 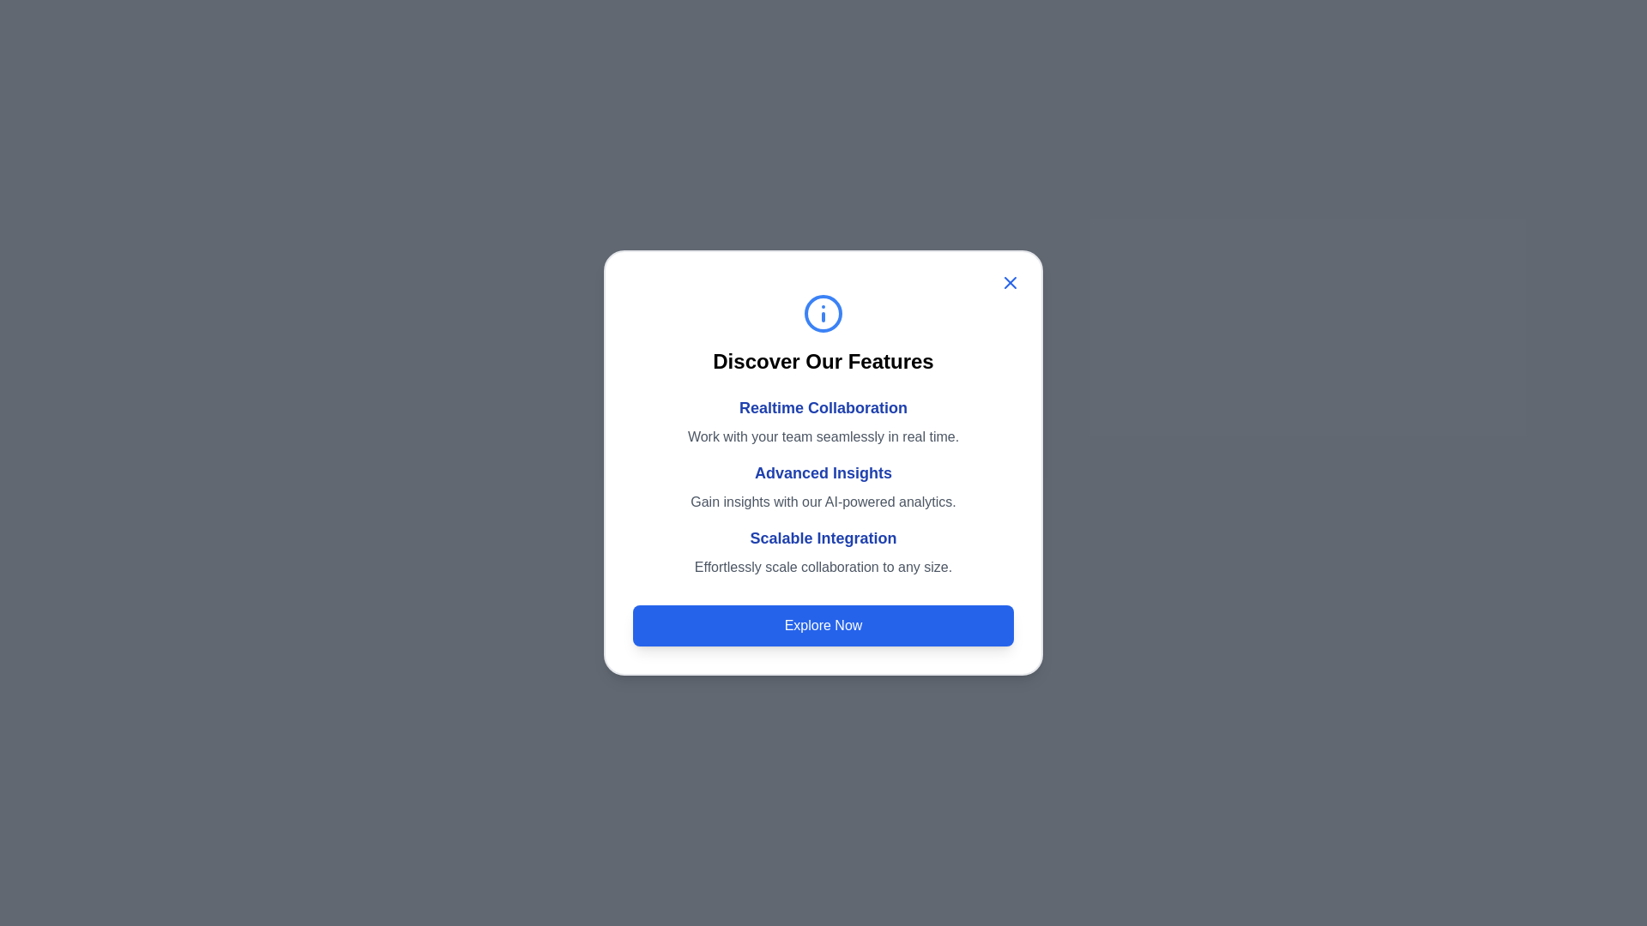 What do you see at coordinates (823, 568) in the screenshot?
I see `the static text located below the heading 'Scalable Integration' in the modal window, which serves as a descriptive subtext` at bounding box center [823, 568].